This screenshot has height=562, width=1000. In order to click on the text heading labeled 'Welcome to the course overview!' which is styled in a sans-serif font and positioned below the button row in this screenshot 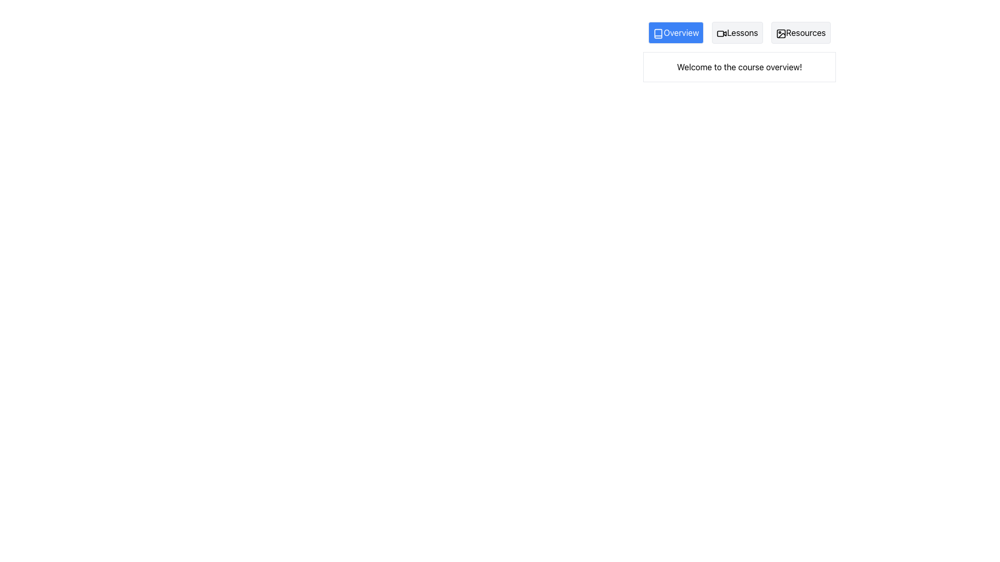, I will do `click(739, 67)`.